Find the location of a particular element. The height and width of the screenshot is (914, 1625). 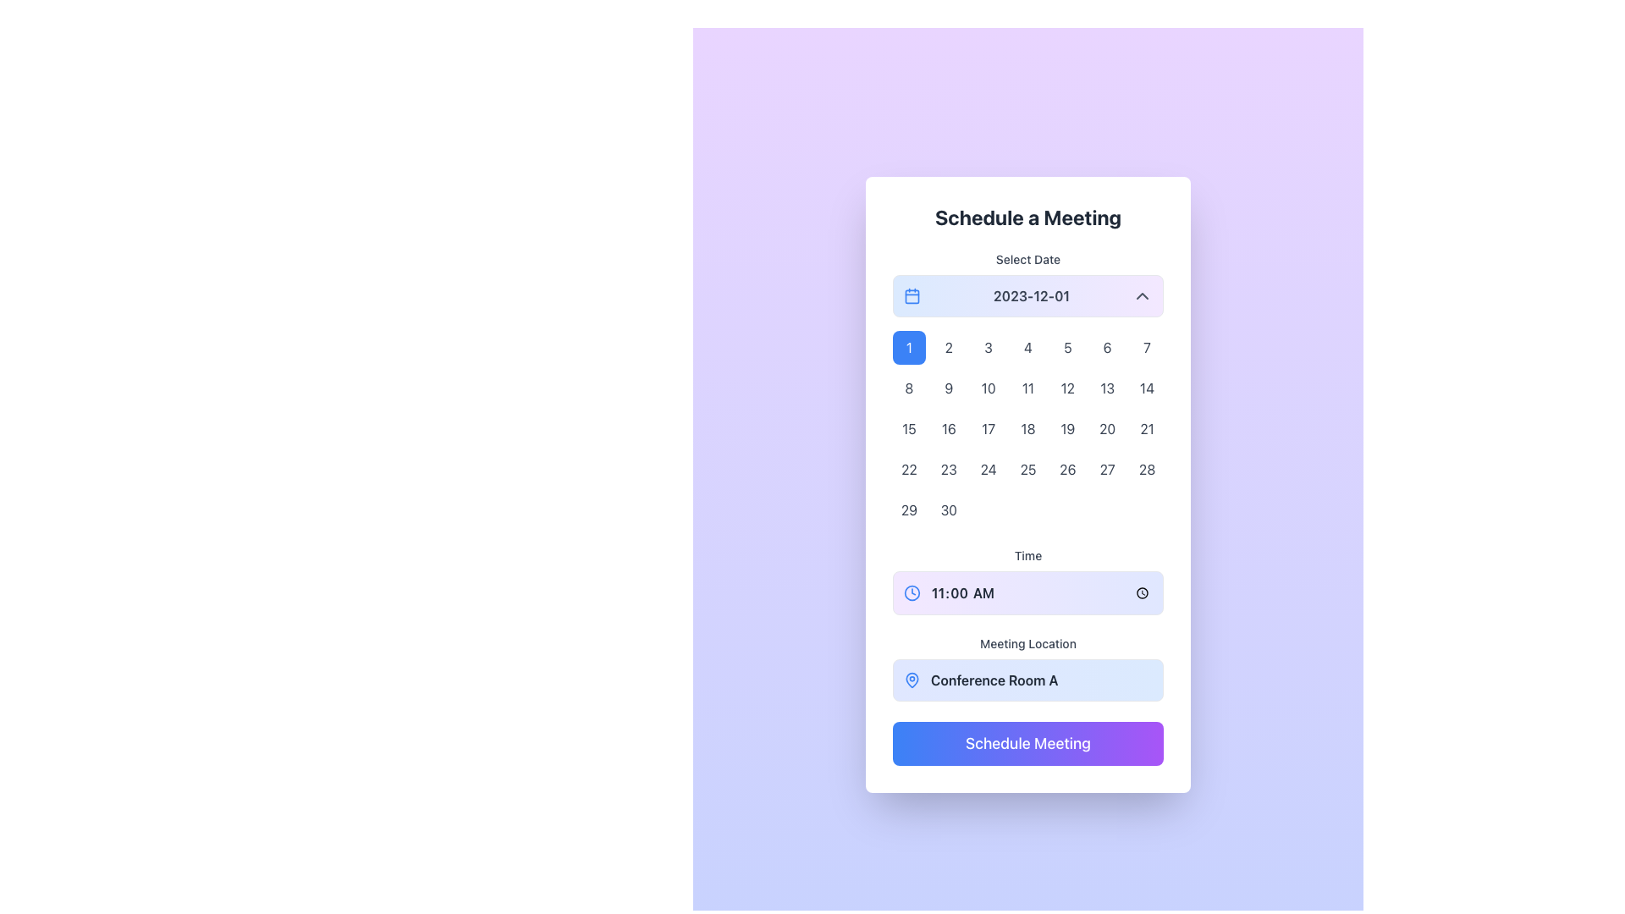

the button labeled '3' with rounded corners is located at coordinates (988, 347).